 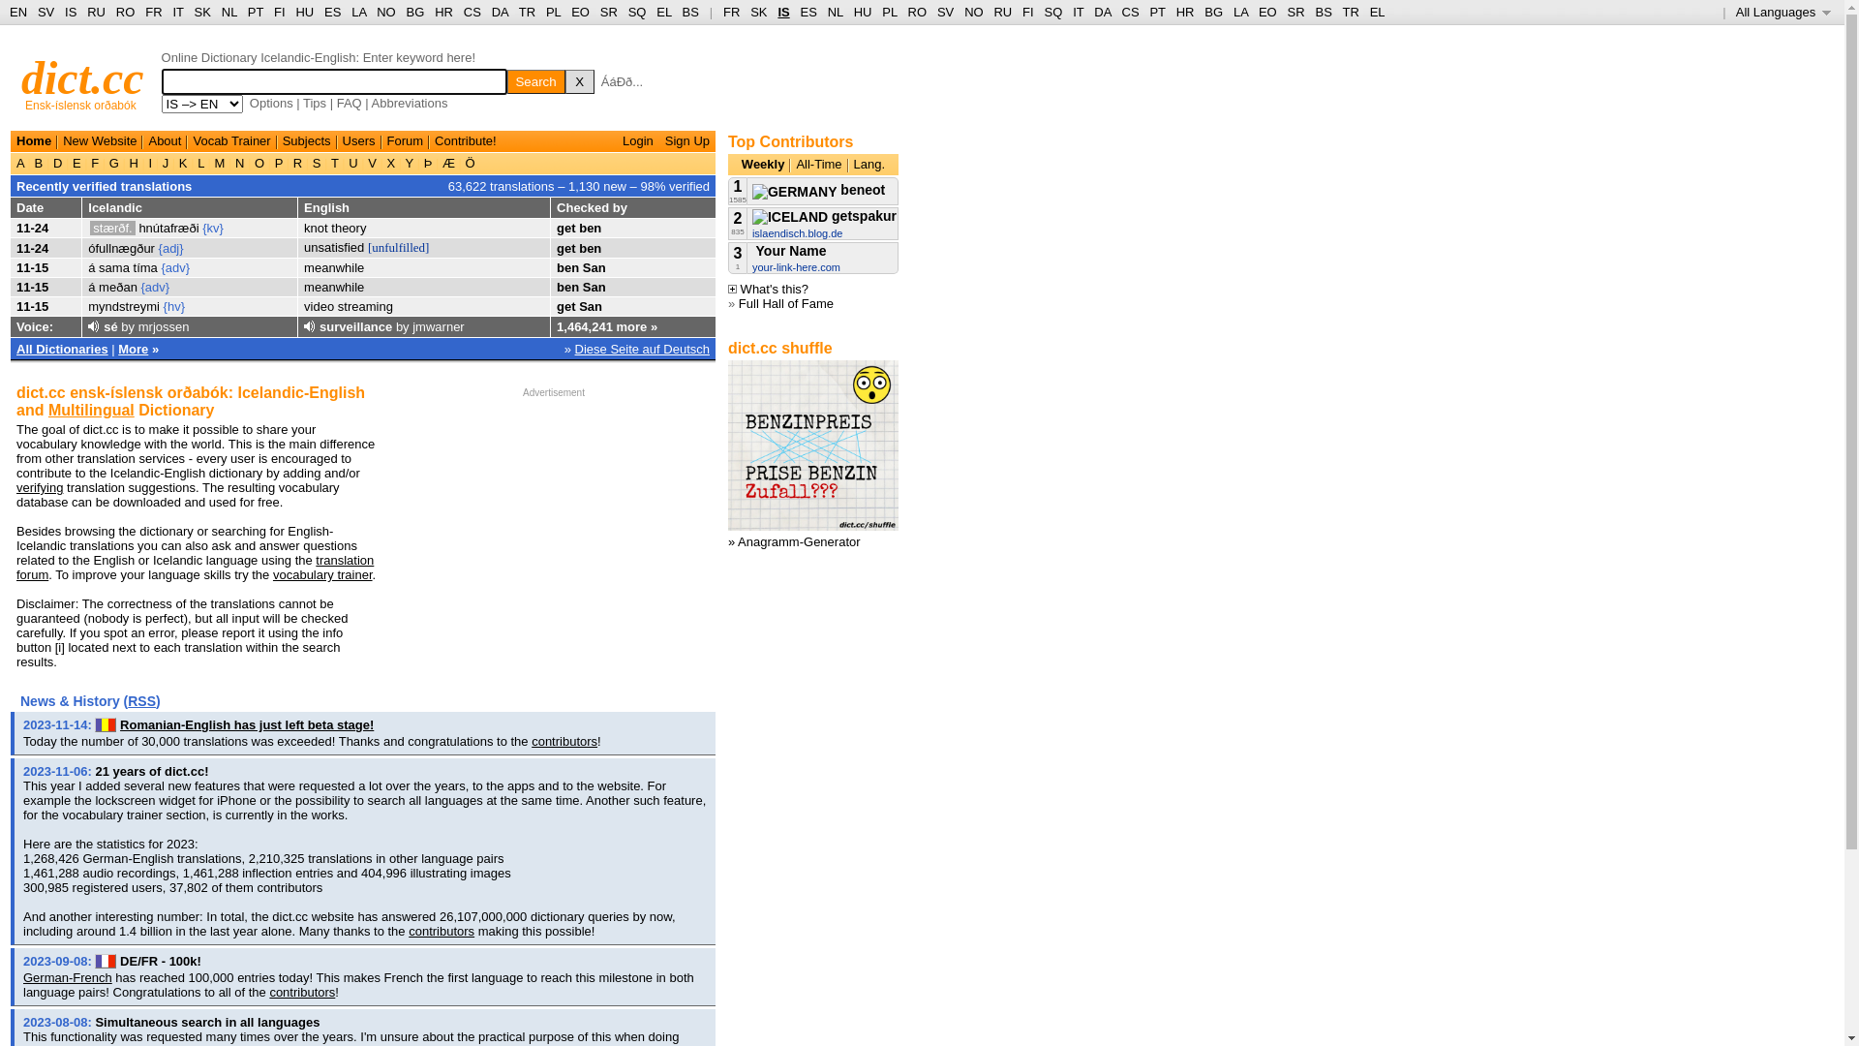 I want to click on 'U', so click(x=353, y=162).